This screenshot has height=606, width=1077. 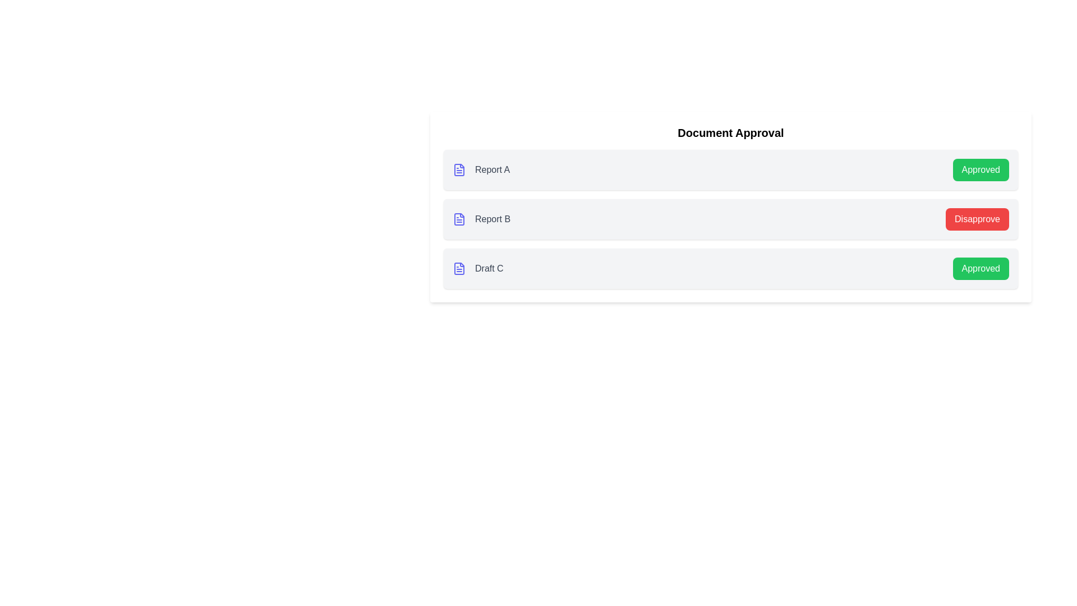 What do you see at coordinates (980, 268) in the screenshot?
I see `the approval button for Draft C` at bounding box center [980, 268].